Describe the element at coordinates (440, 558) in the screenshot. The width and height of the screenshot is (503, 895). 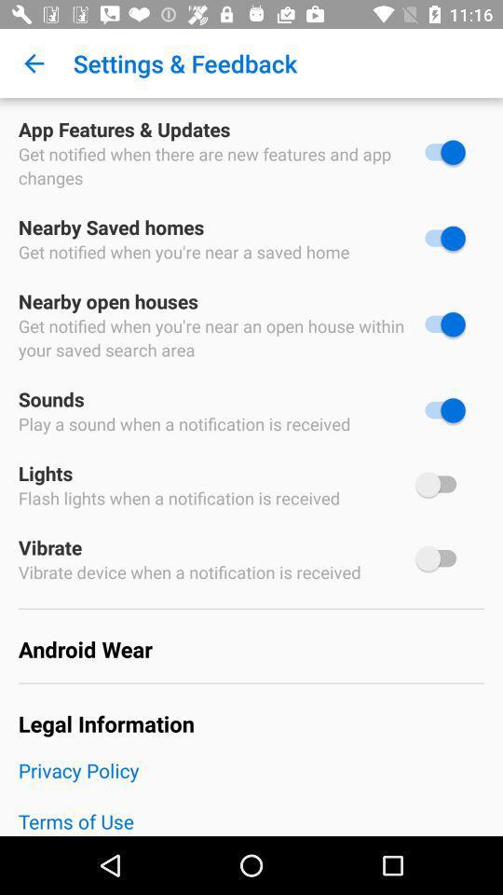
I see `enable vibration` at that location.